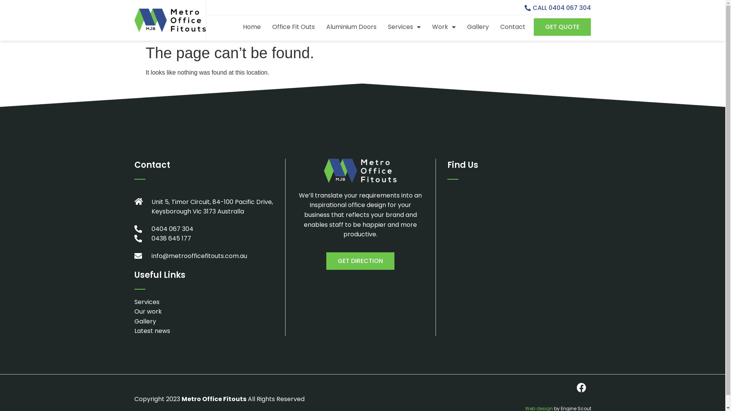 This screenshot has width=731, height=411. Describe the element at coordinates (404, 26) in the screenshot. I see `'Services'` at that location.